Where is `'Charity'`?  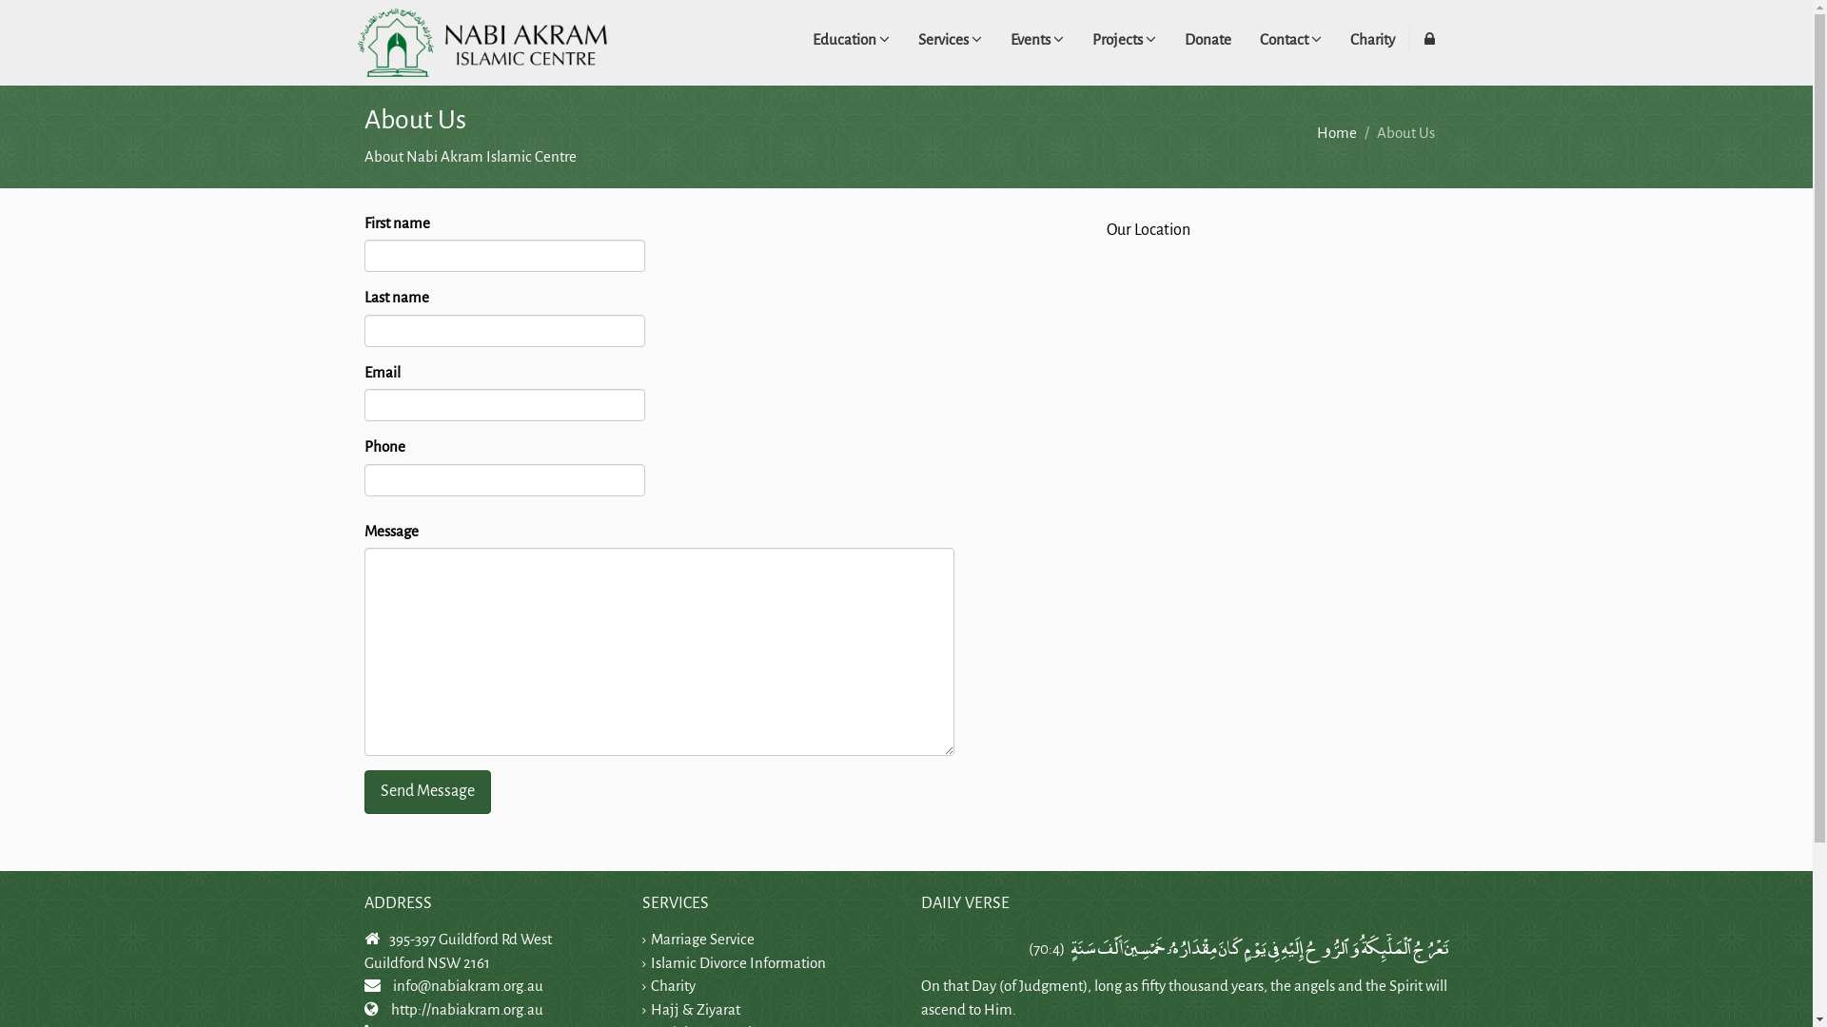 'Charity' is located at coordinates (1372, 40).